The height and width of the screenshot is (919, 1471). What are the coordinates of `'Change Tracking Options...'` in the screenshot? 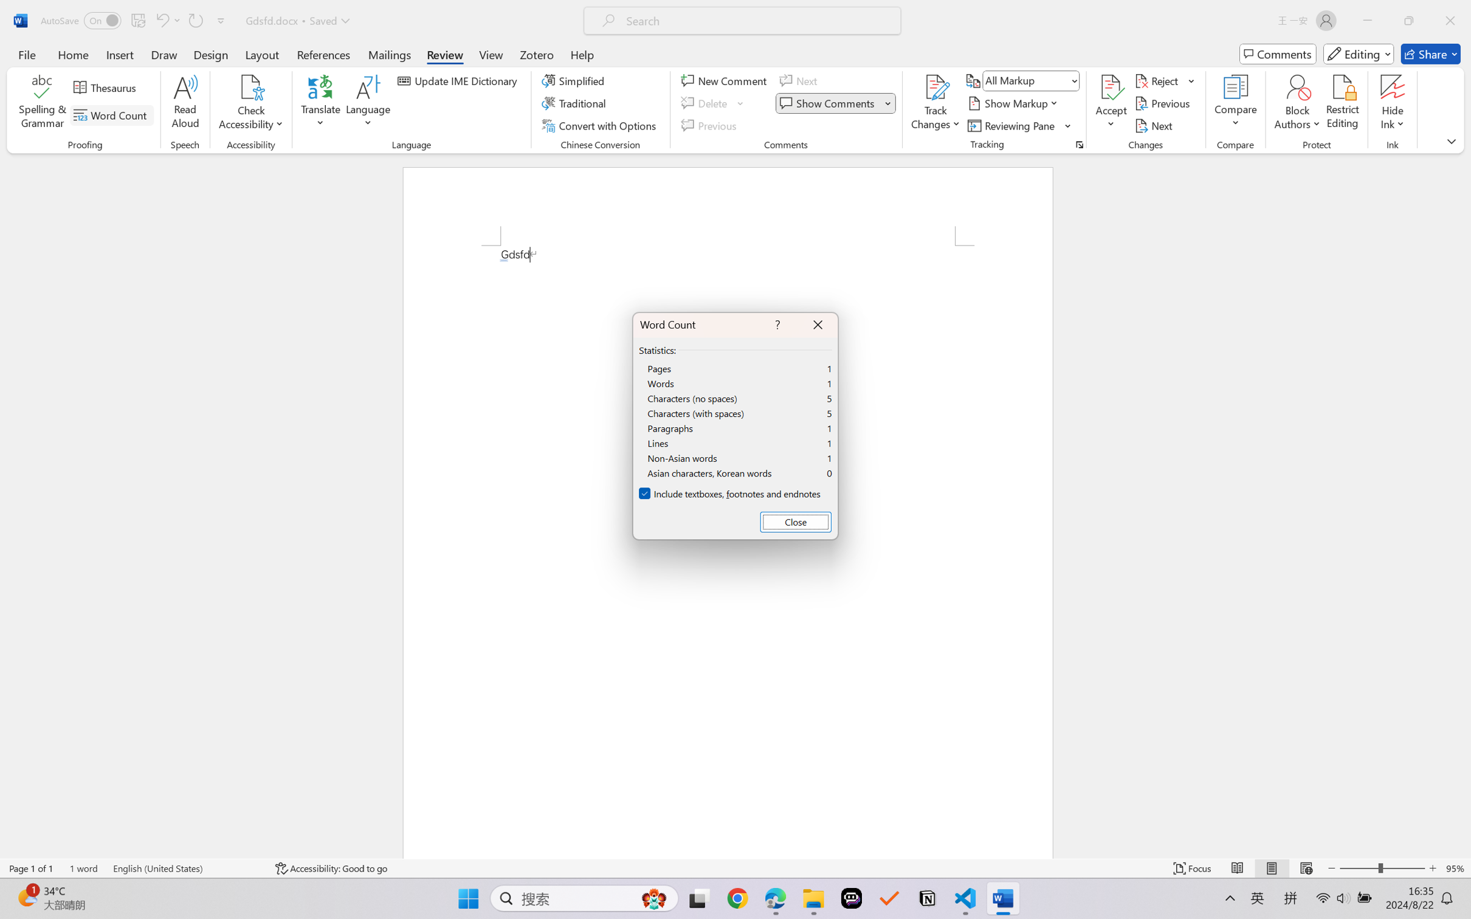 It's located at (1079, 144).